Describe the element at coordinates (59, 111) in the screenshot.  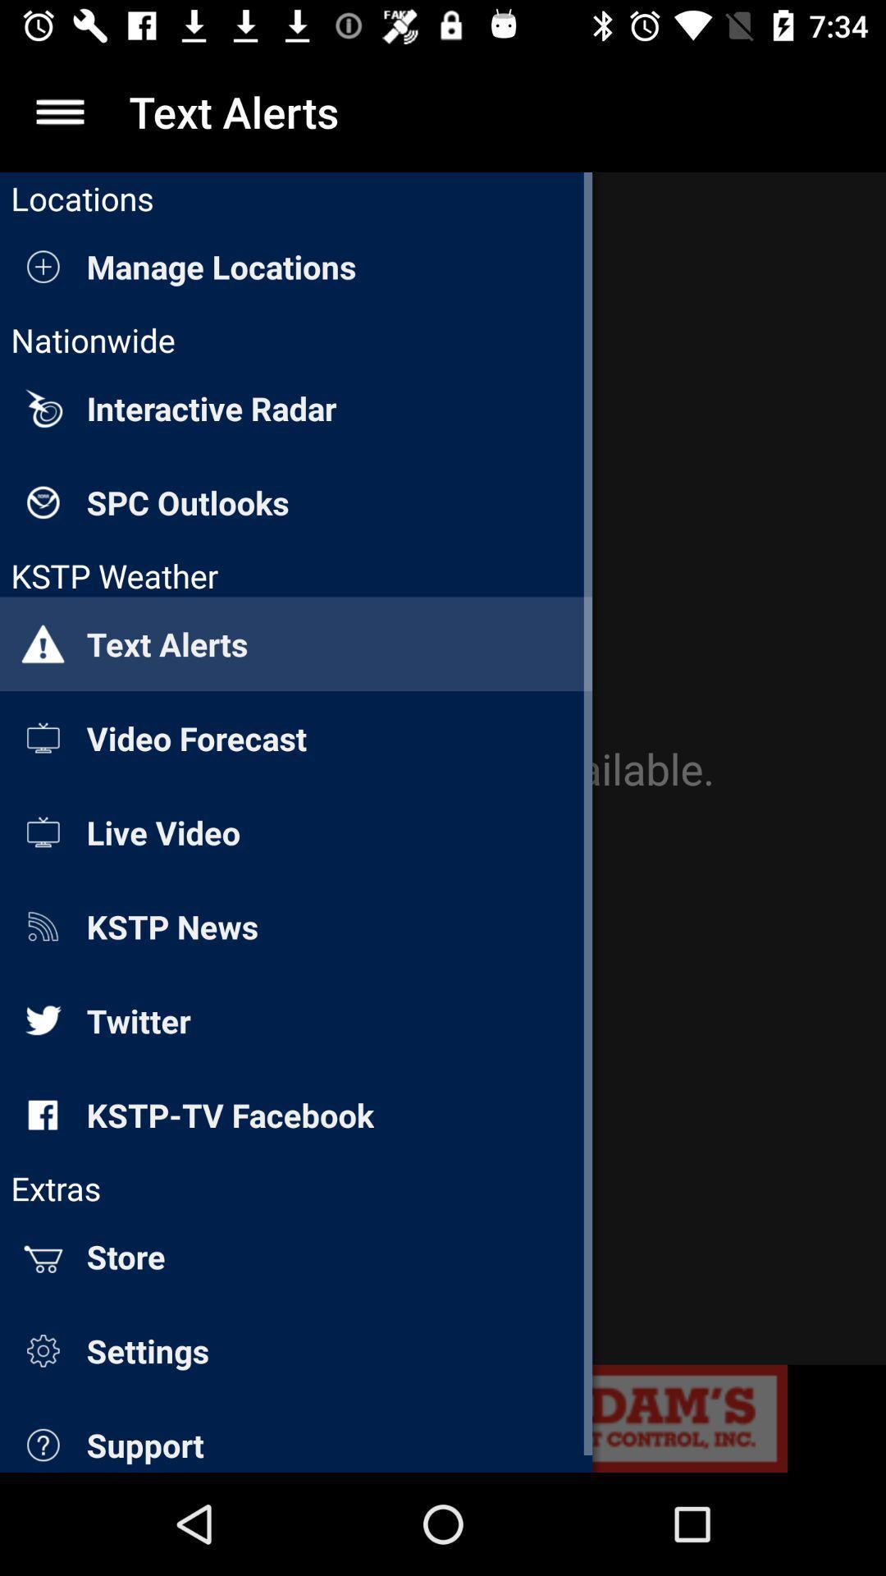
I see `the app next to the text alerts icon` at that location.